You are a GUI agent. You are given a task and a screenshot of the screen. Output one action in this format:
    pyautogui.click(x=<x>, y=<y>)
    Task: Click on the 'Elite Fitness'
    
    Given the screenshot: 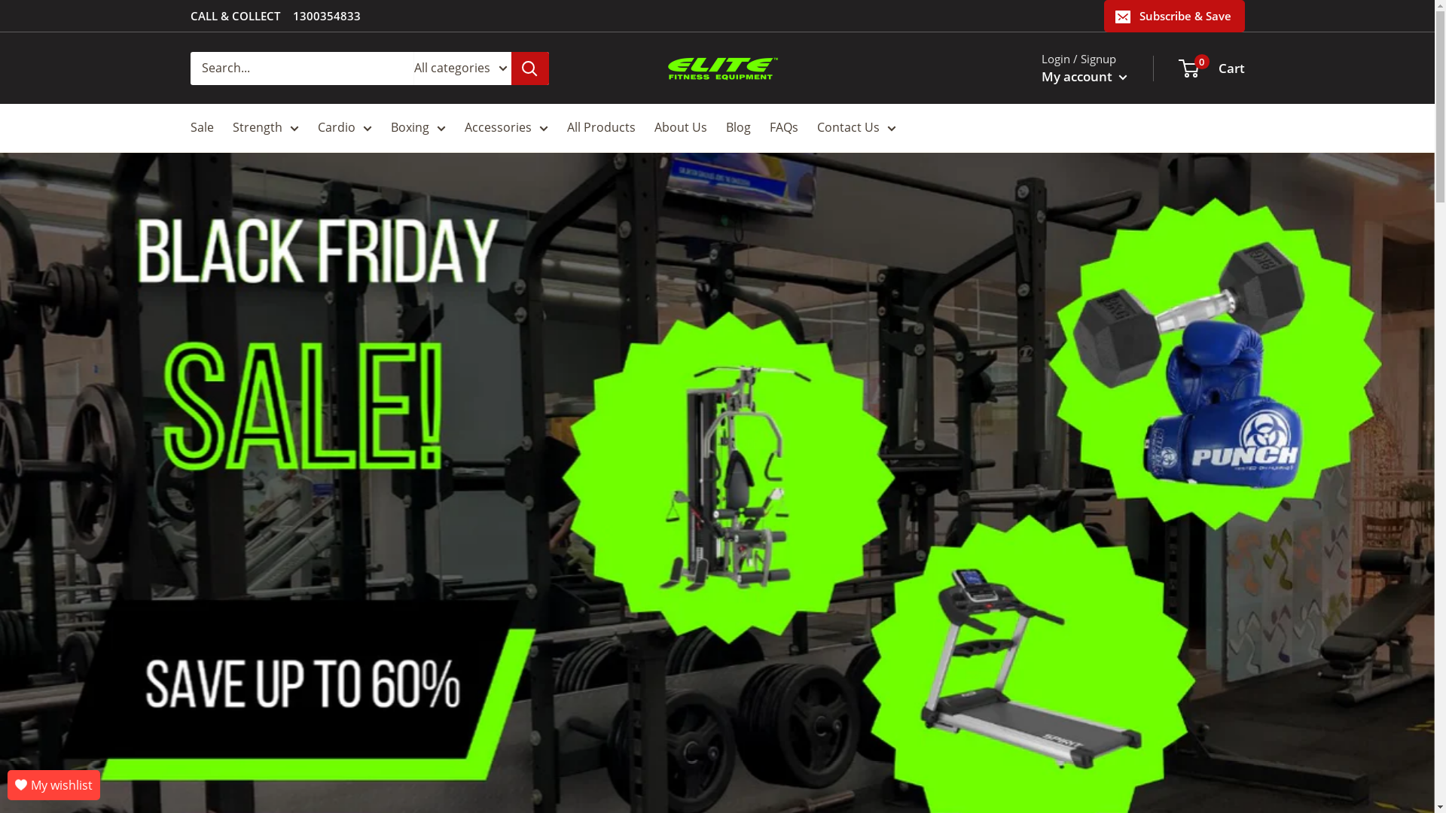 What is the action you would take?
    pyautogui.click(x=721, y=68)
    